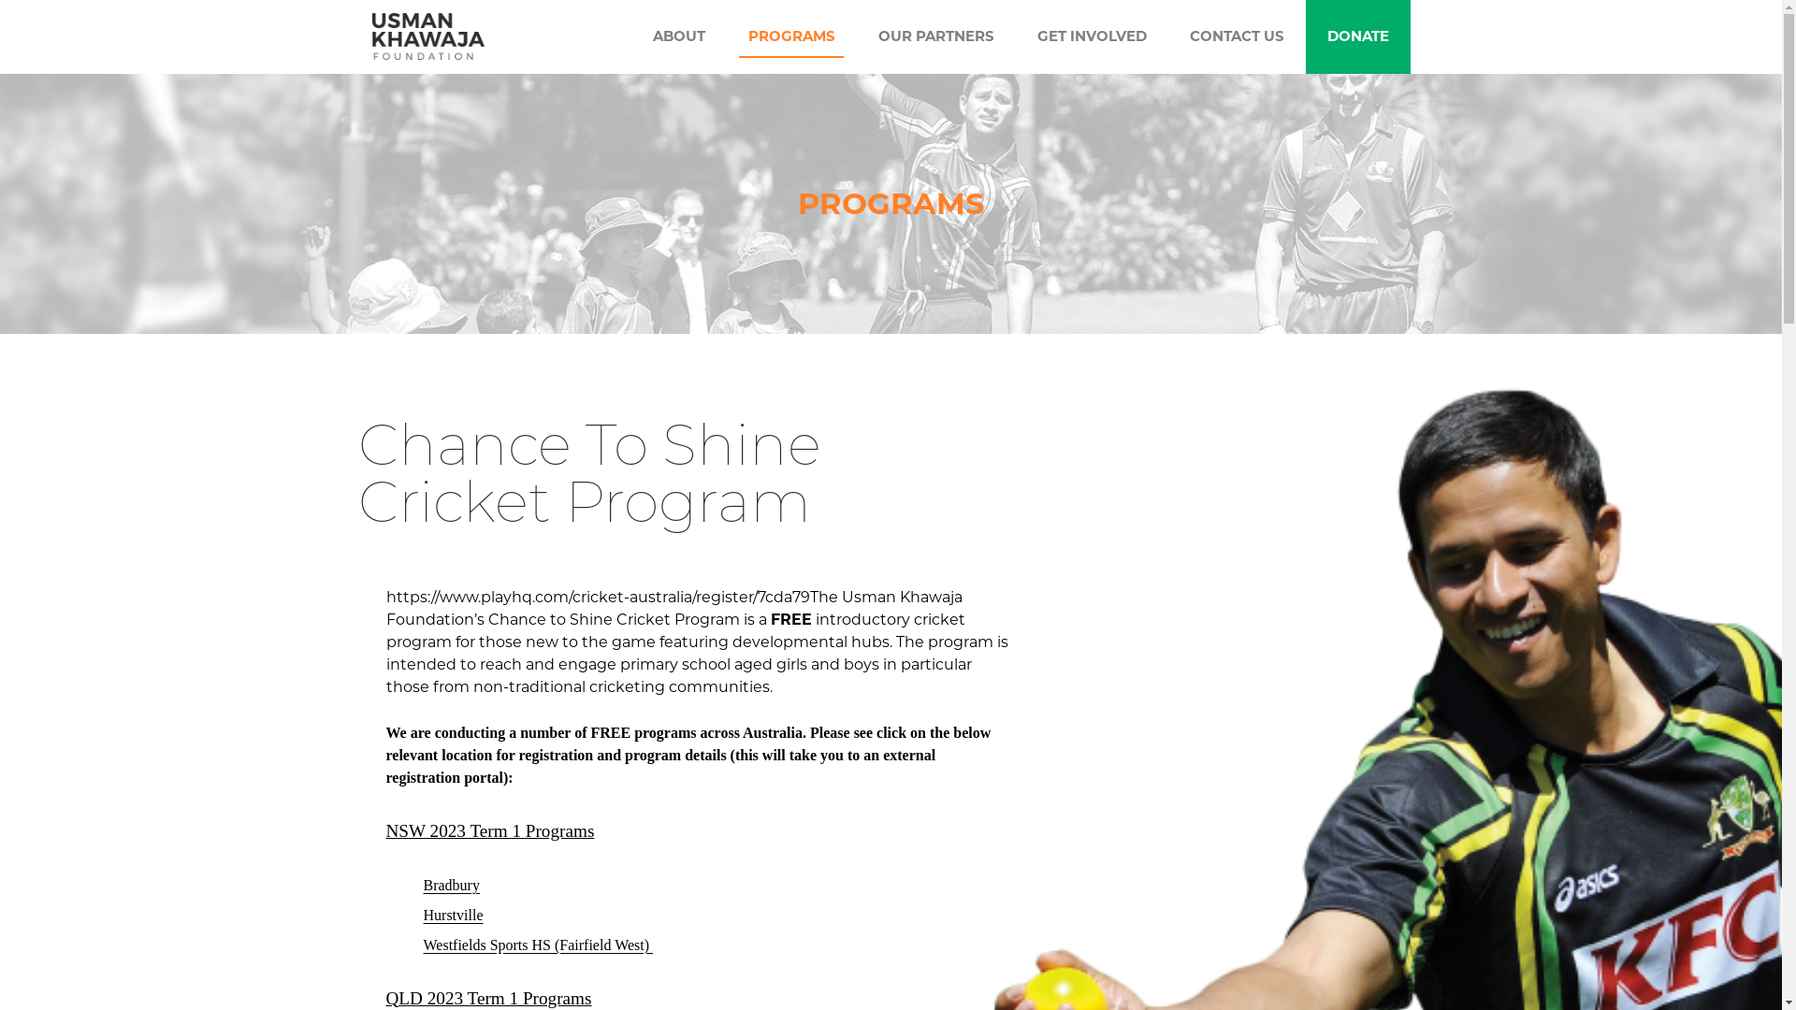 Image resolution: width=1796 pixels, height=1010 pixels. I want to click on 'OUR PARTNERS', so click(934, 36).